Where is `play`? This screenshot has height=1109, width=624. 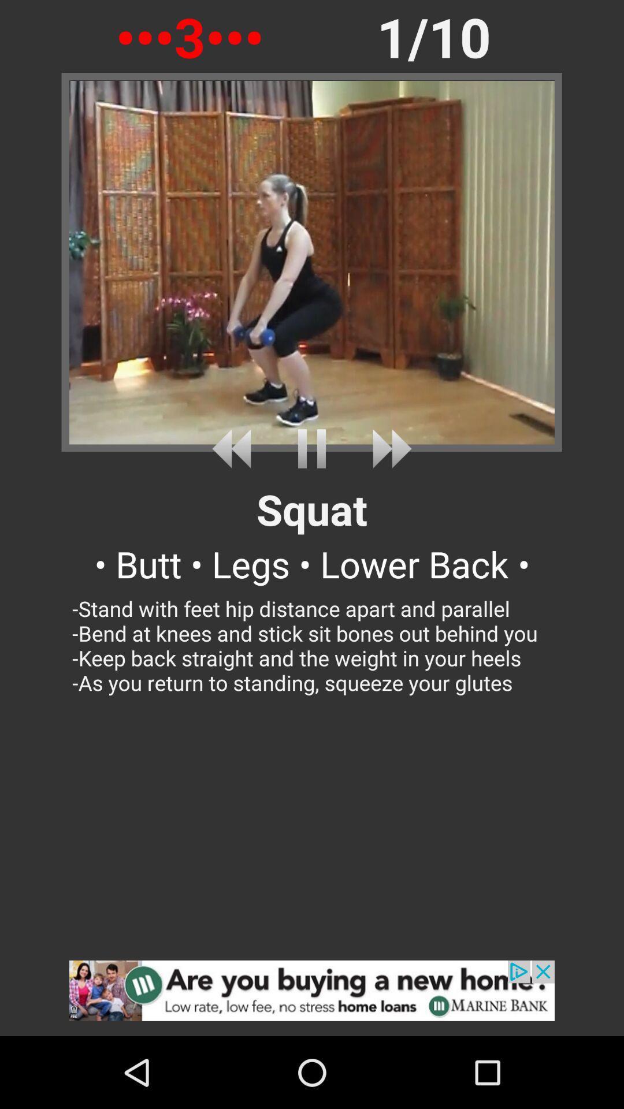
play is located at coordinates (312, 448).